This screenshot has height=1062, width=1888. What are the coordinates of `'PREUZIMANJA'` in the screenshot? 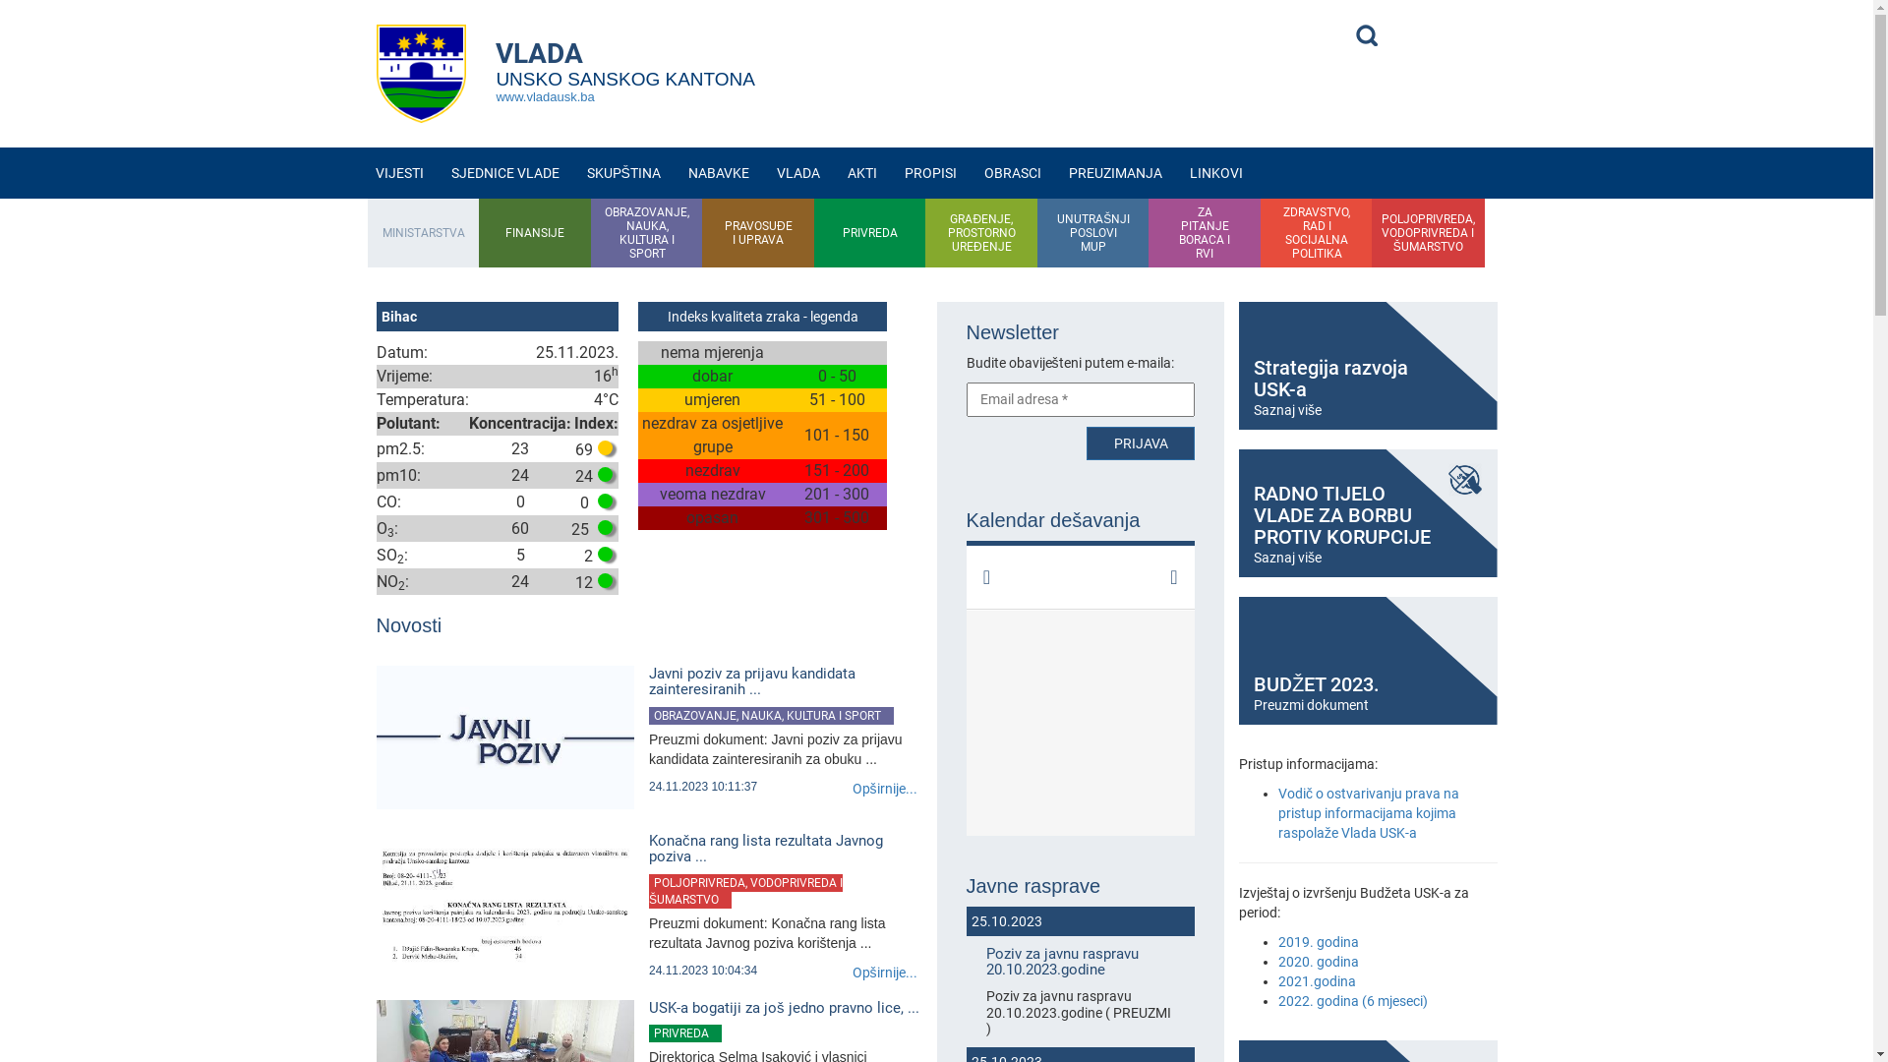 It's located at (1115, 172).